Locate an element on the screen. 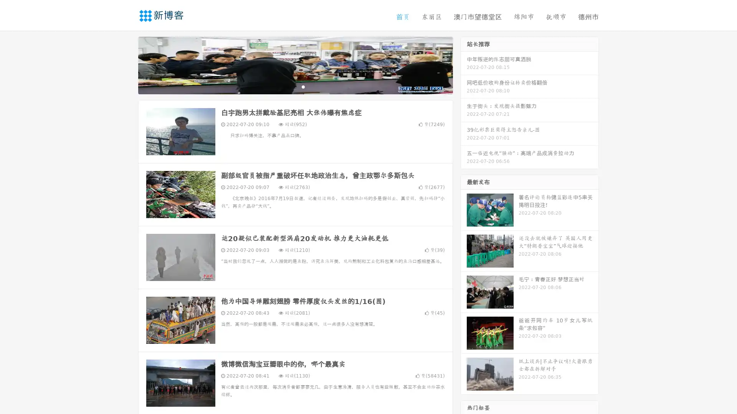 The height and width of the screenshot is (414, 737). Go to slide 3 is located at coordinates (303, 86).